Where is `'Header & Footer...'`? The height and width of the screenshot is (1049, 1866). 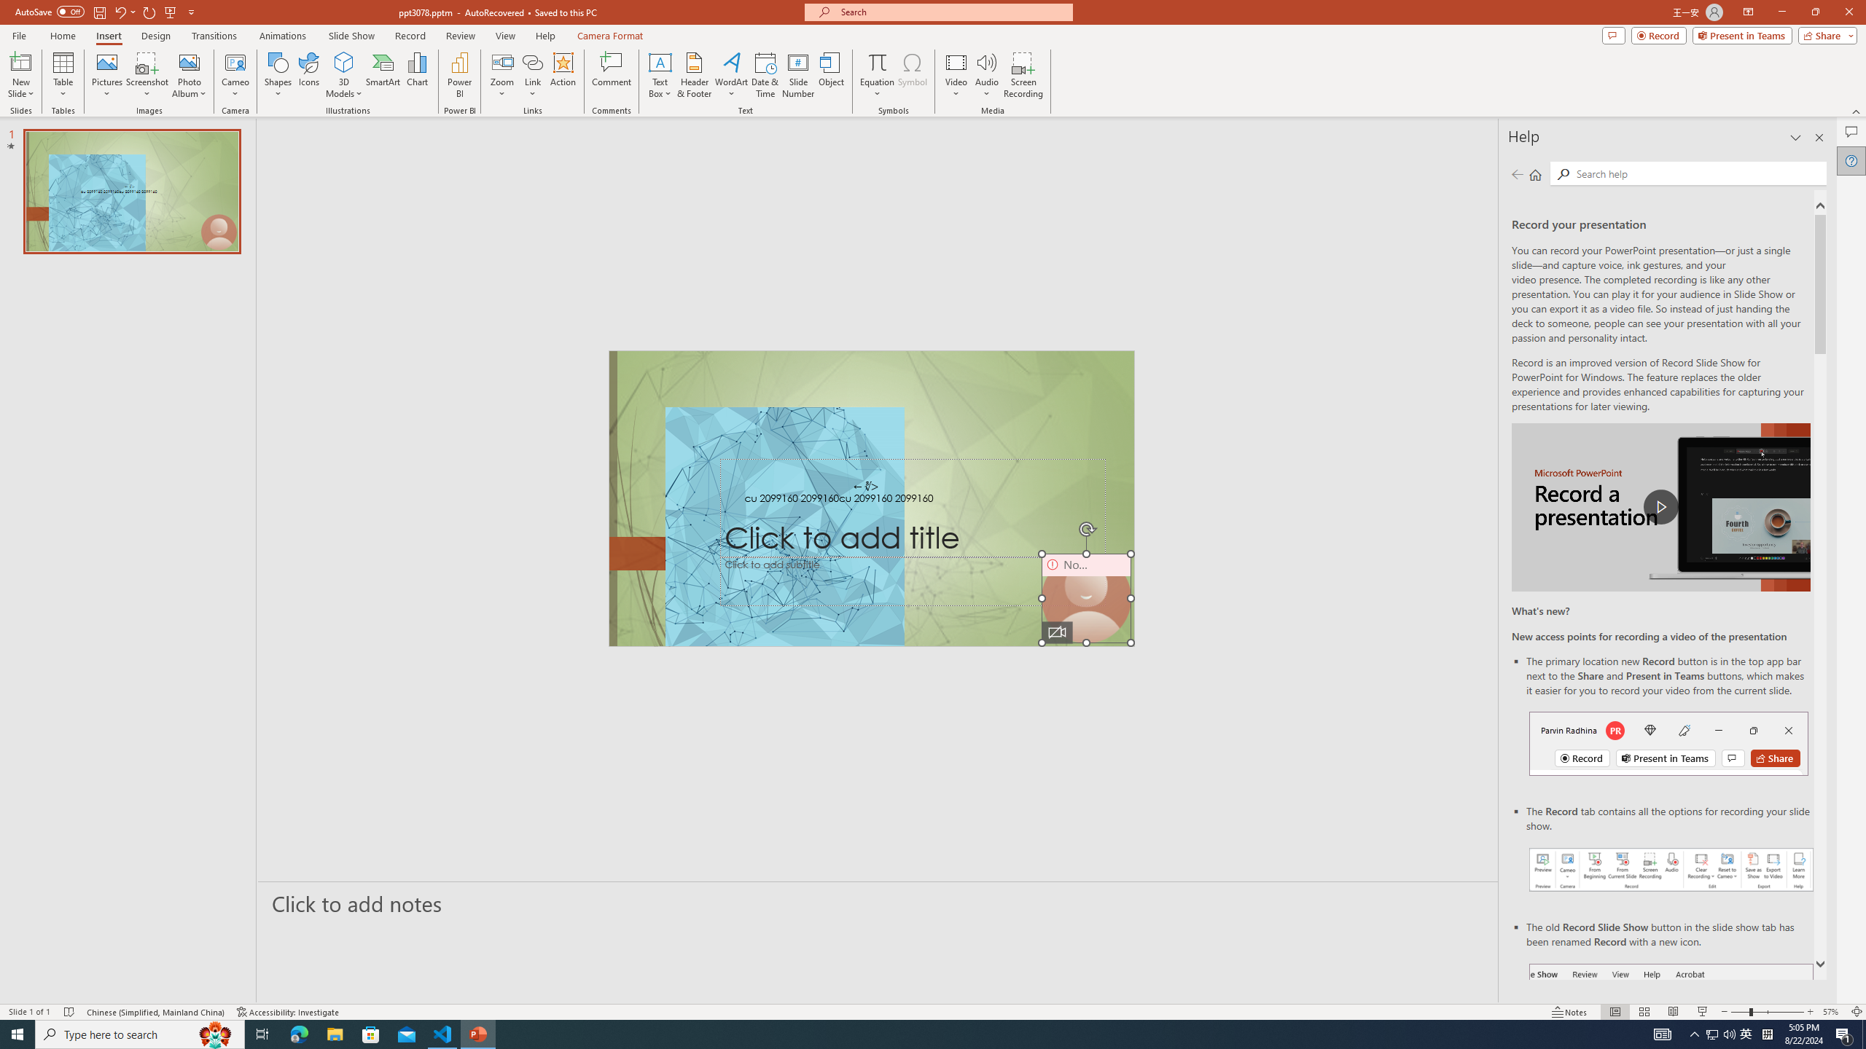
'Header & Footer...' is located at coordinates (693, 75).